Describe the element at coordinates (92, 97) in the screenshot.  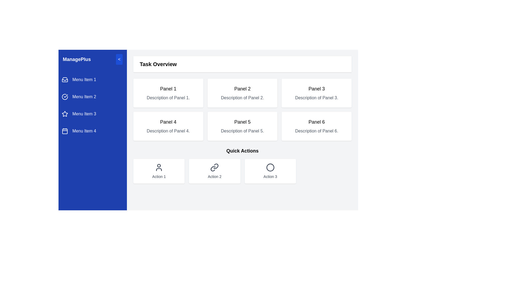
I see `the second menu item labeled 'Menu Item 2' in the blue sidebar` at that location.